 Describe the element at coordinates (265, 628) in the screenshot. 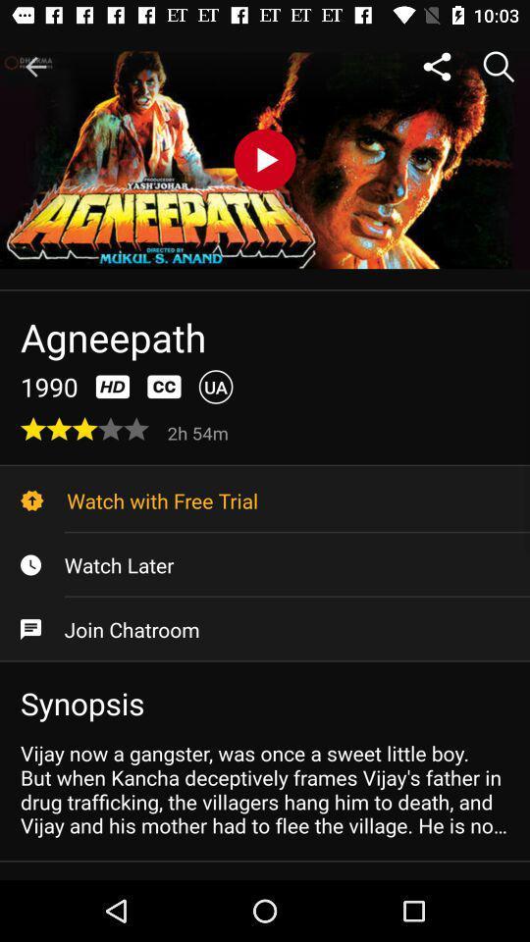

I see `item above the synopsis icon` at that location.